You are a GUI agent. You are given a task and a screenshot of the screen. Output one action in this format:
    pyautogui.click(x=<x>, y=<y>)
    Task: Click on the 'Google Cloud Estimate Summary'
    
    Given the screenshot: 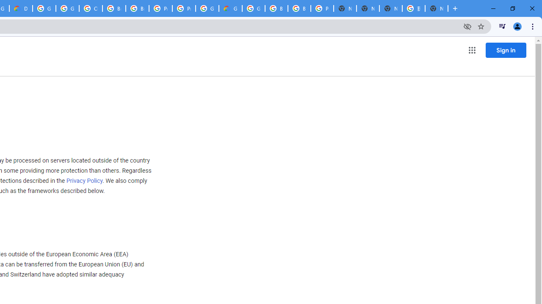 What is the action you would take?
    pyautogui.click(x=230, y=8)
    